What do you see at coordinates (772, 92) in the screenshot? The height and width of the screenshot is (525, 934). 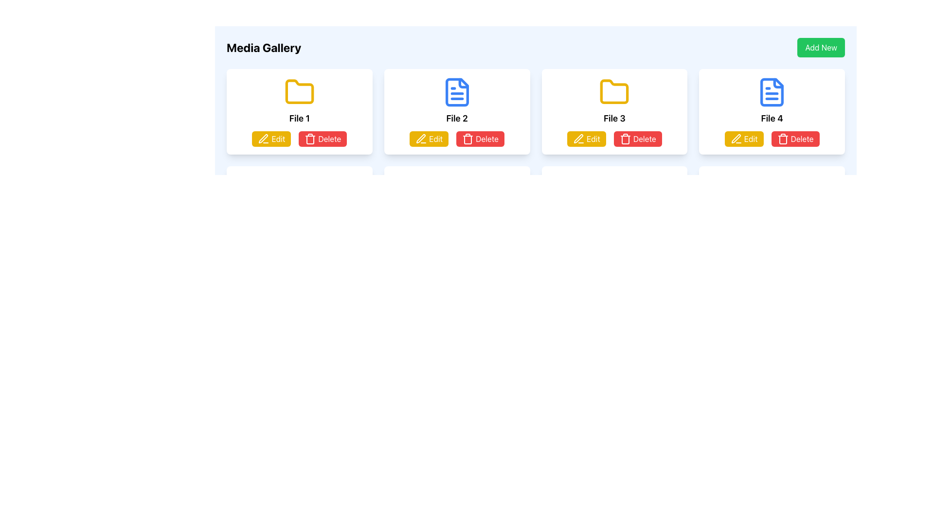 I see `the blue document file icon located in the fourth card of the media gallery section, specifically representing File 4` at bounding box center [772, 92].